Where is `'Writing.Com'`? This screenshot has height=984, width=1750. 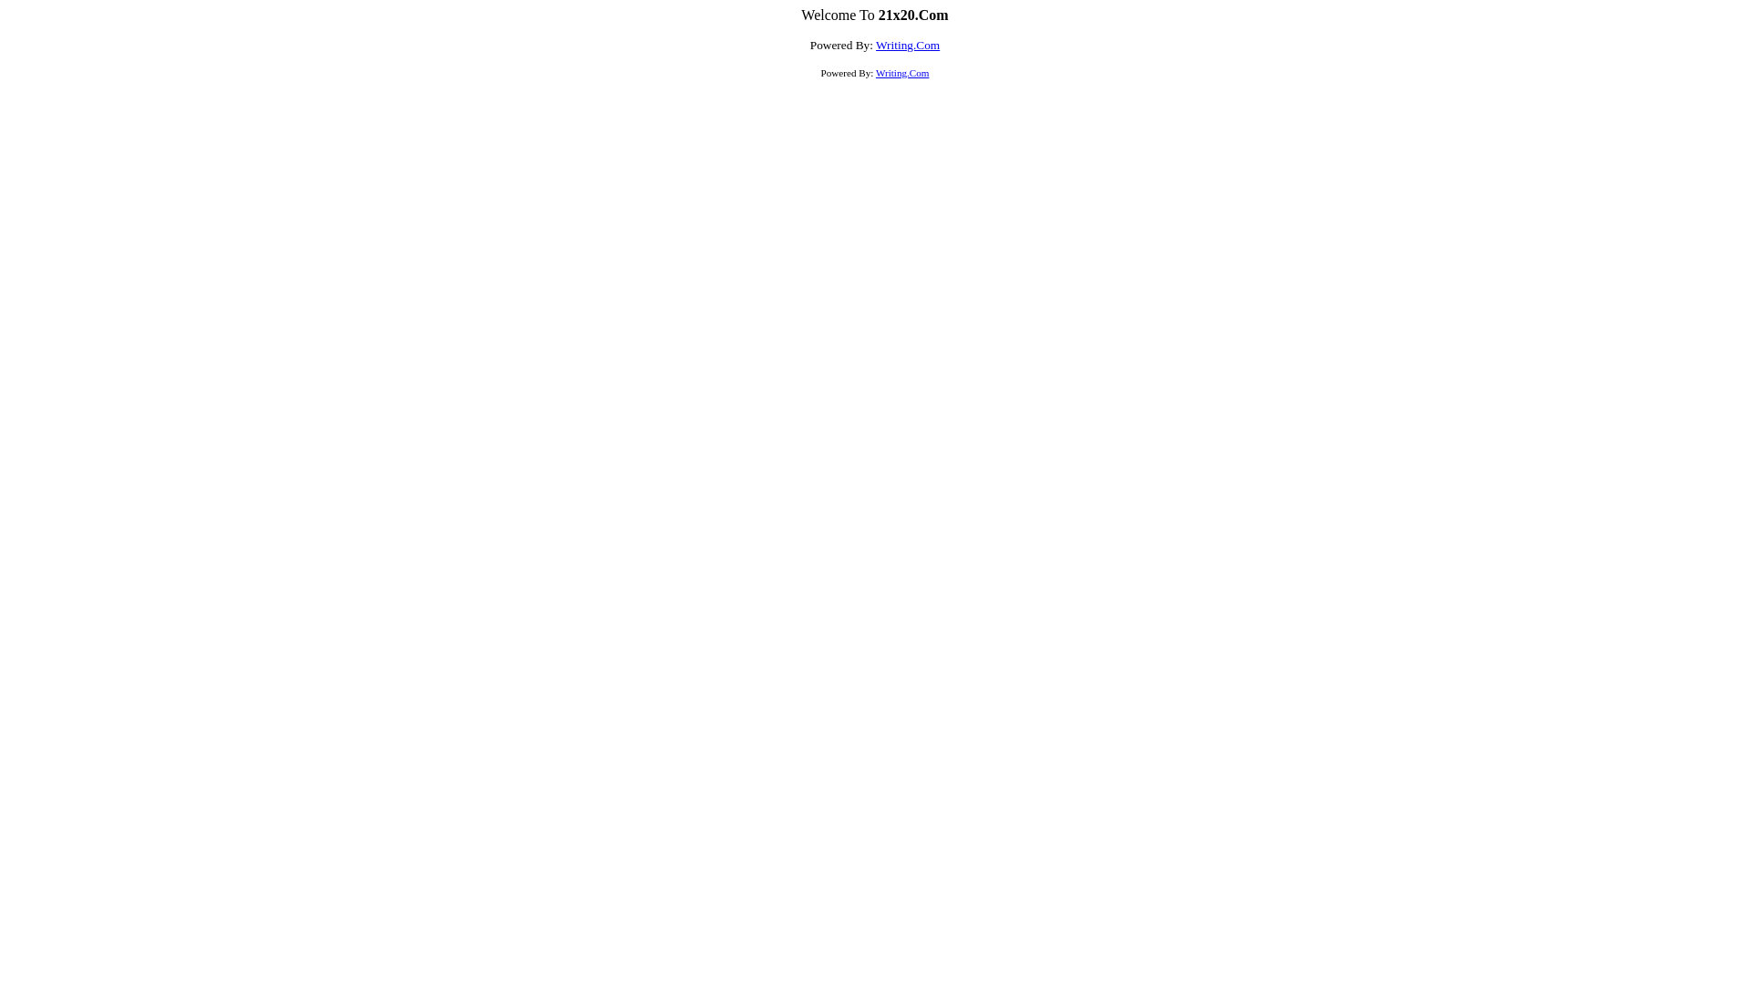
'Writing.Com' is located at coordinates (908, 44).